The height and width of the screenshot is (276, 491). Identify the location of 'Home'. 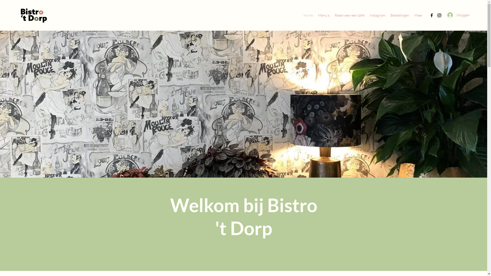
(308, 15).